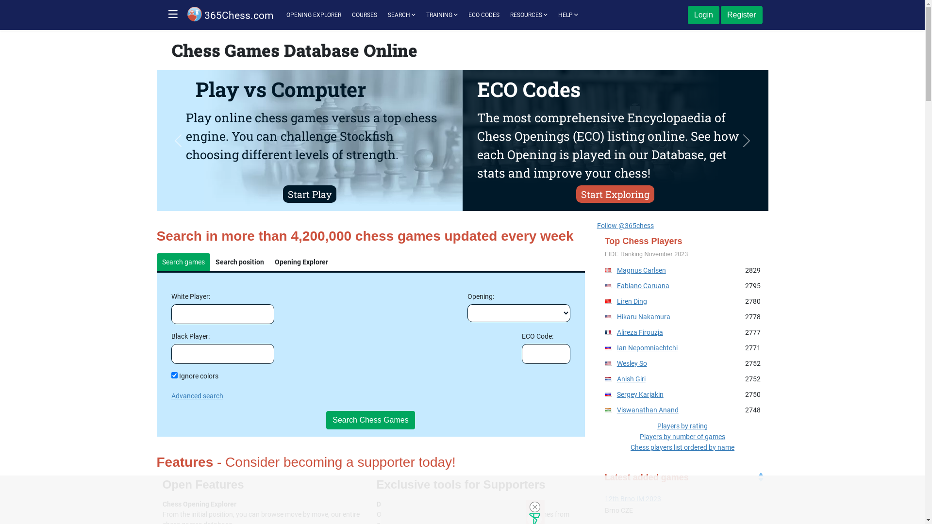  I want to click on 'RUDAR 2 GM 2023', so click(682, 499).